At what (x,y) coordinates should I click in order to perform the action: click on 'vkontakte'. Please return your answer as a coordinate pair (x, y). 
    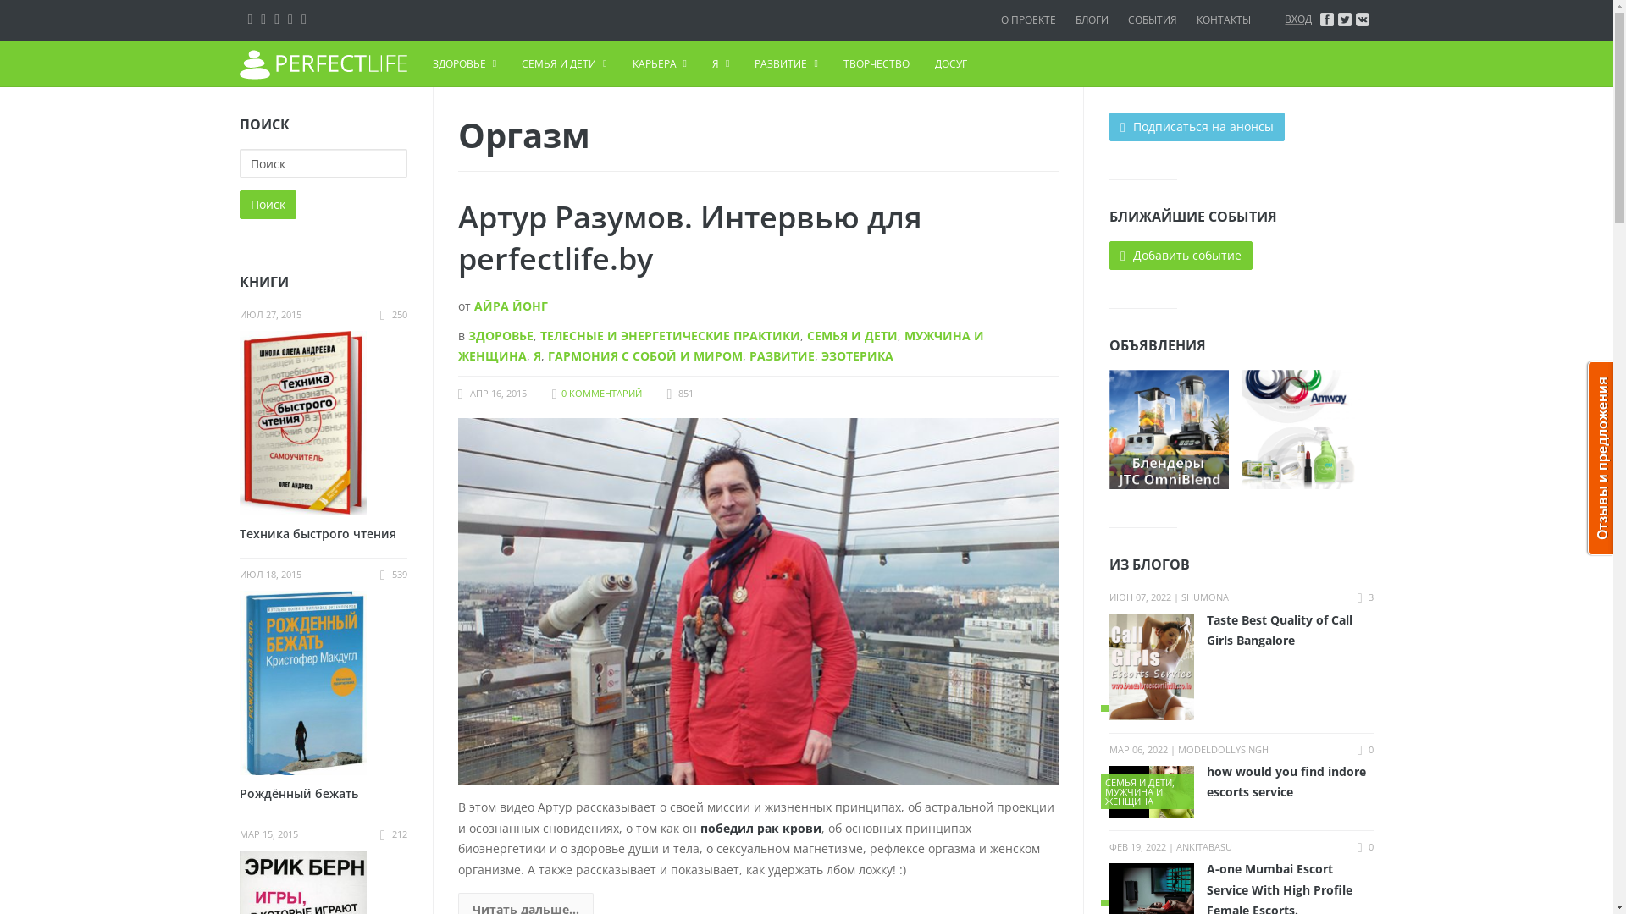
    Looking at the image, I should click on (1362, 19).